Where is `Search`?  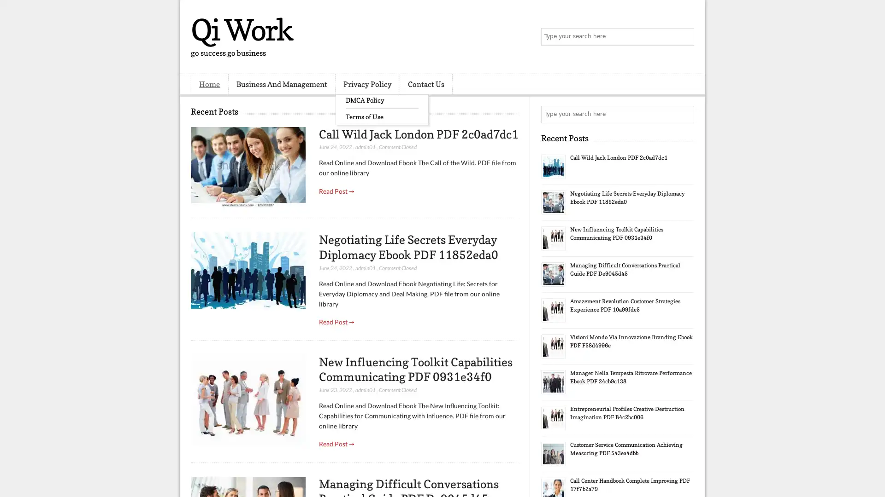 Search is located at coordinates (684, 114).